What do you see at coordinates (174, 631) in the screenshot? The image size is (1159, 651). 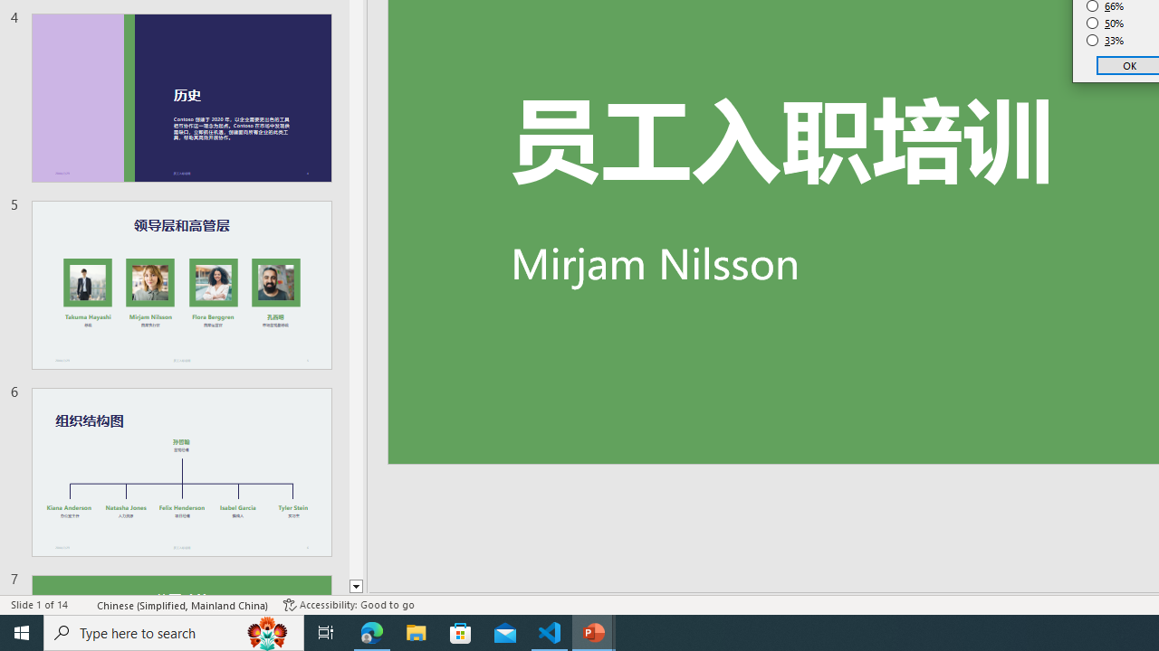 I see `'Type here to search'` at bounding box center [174, 631].